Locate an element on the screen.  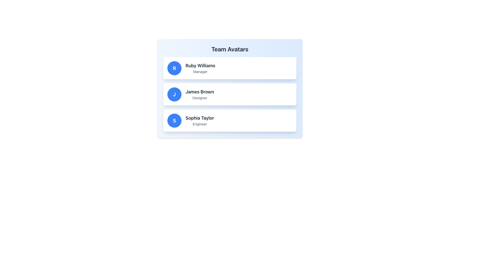
the List item card representing team member 'James Brown', who is a 'Designer', located in the 'Team Avatars' section is located at coordinates (230, 88).